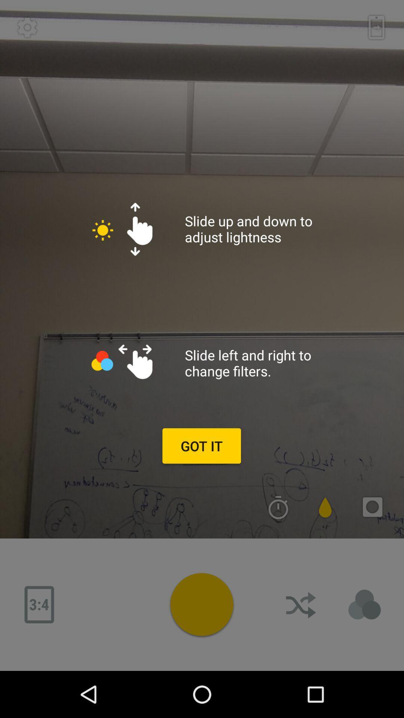  What do you see at coordinates (278, 507) in the screenshot?
I see `tap for timer` at bounding box center [278, 507].